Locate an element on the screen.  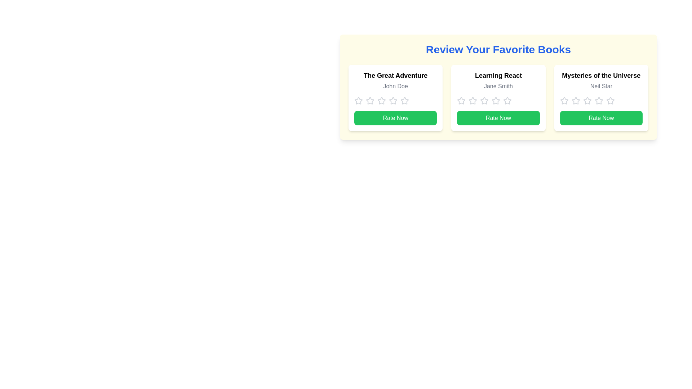
the interactive star rating system of the book titled 'Learning React' by 'Jane Smith' is located at coordinates (498, 98).